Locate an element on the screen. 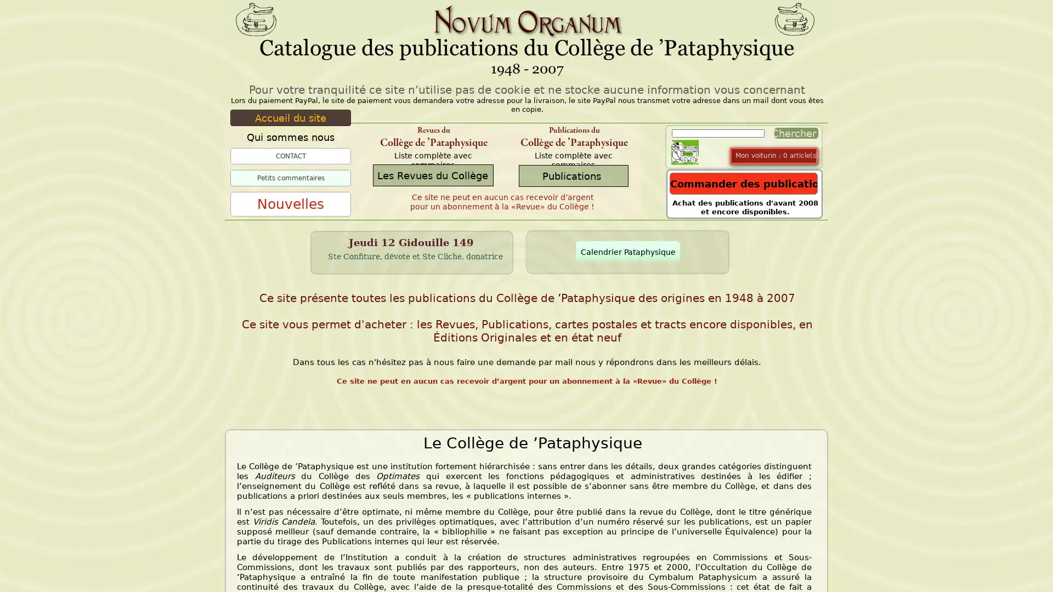 Image resolution: width=1053 pixels, height=592 pixels. Calendrier Pataphysique is located at coordinates (628, 252).